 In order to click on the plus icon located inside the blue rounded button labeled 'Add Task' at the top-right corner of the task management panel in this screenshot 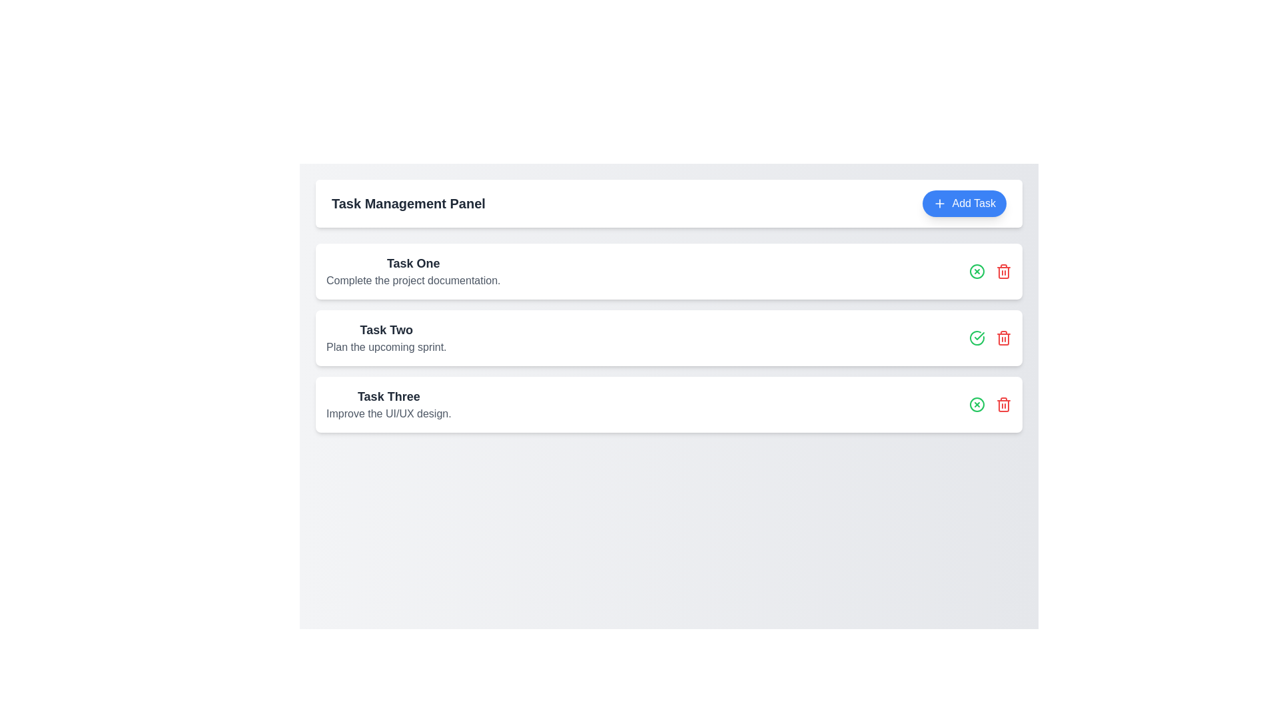, I will do `click(939, 203)`.